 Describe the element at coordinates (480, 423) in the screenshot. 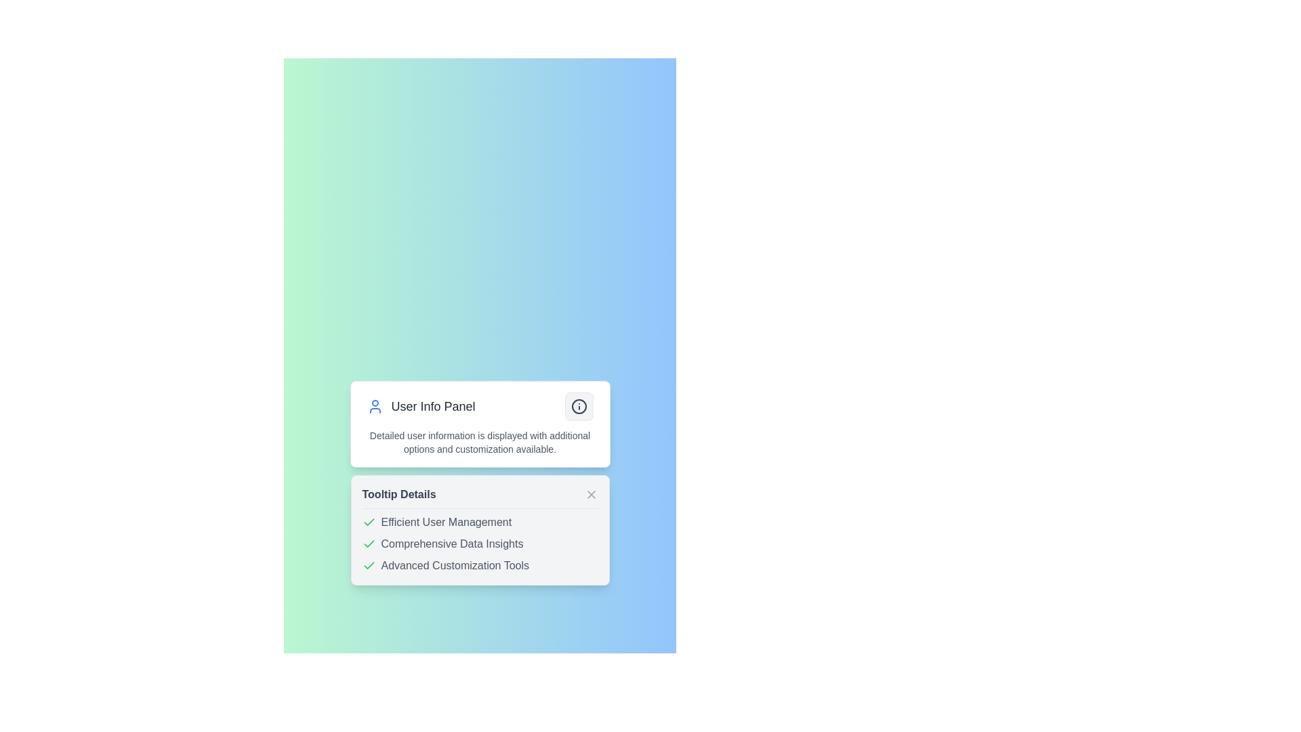

I see `information displayed in the 'User Info Panel', which contains user details and an 'info' button on the right` at that location.